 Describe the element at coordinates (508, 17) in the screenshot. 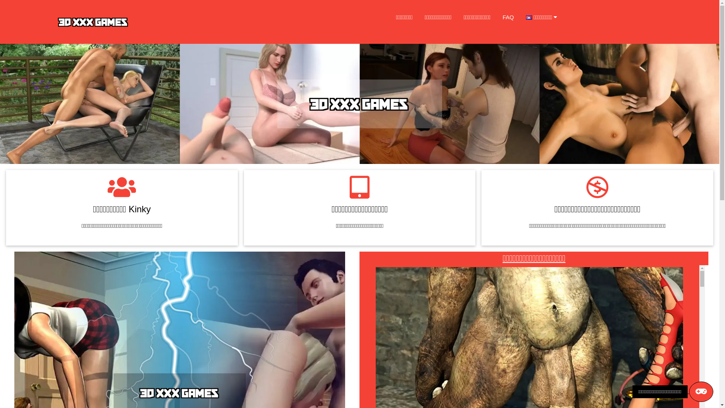

I see `'FAQ'` at that location.